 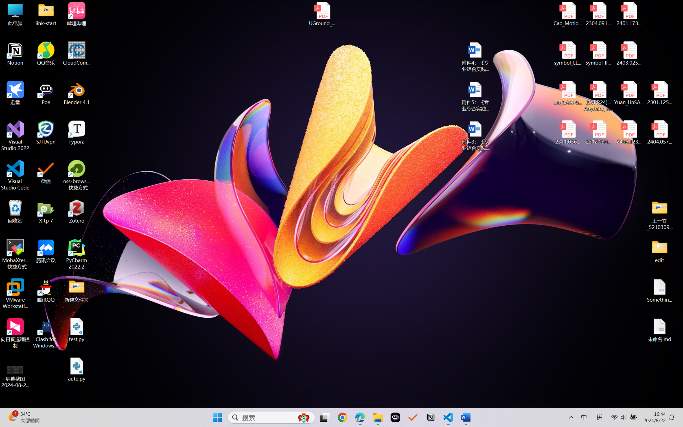 I want to click on '2311.03658v2.pdf', so click(x=568, y=132).